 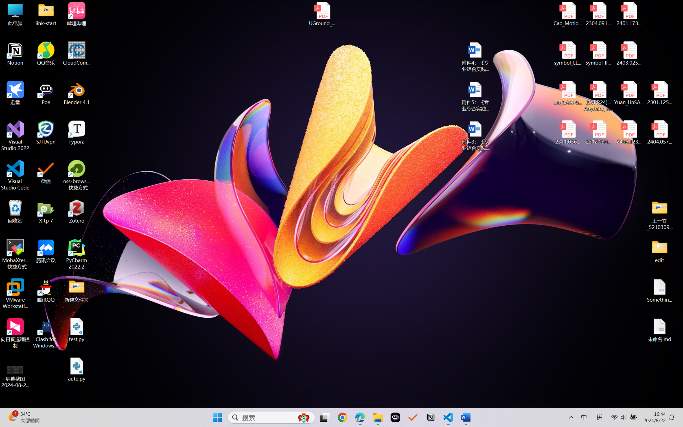 I want to click on '2311.03658v2.pdf', so click(x=568, y=132).